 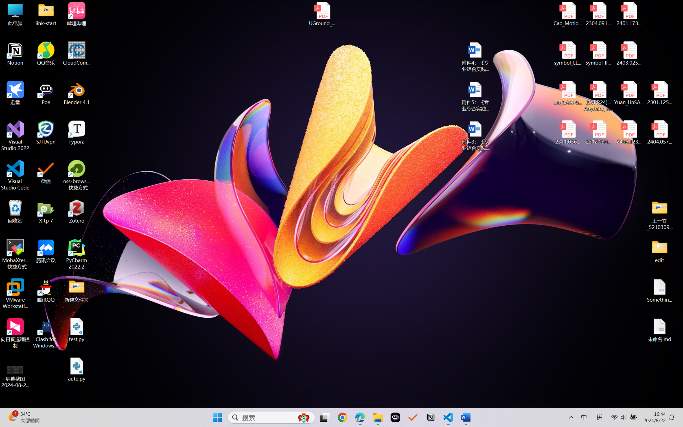 I want to click on '2311.03658v2.pdf', so click(x=568, y=132).